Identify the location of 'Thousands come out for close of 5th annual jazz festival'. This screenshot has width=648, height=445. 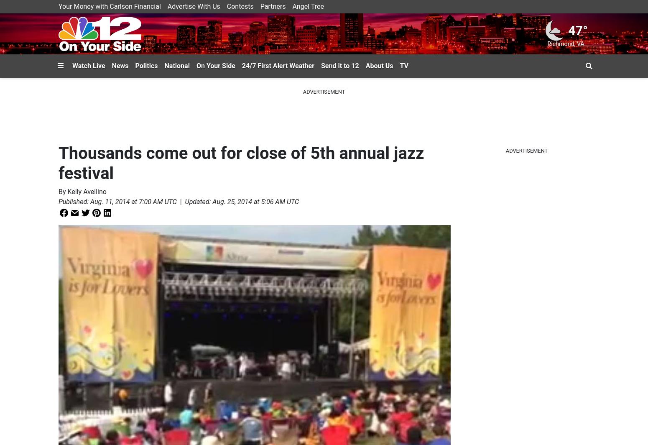
(241, 163).